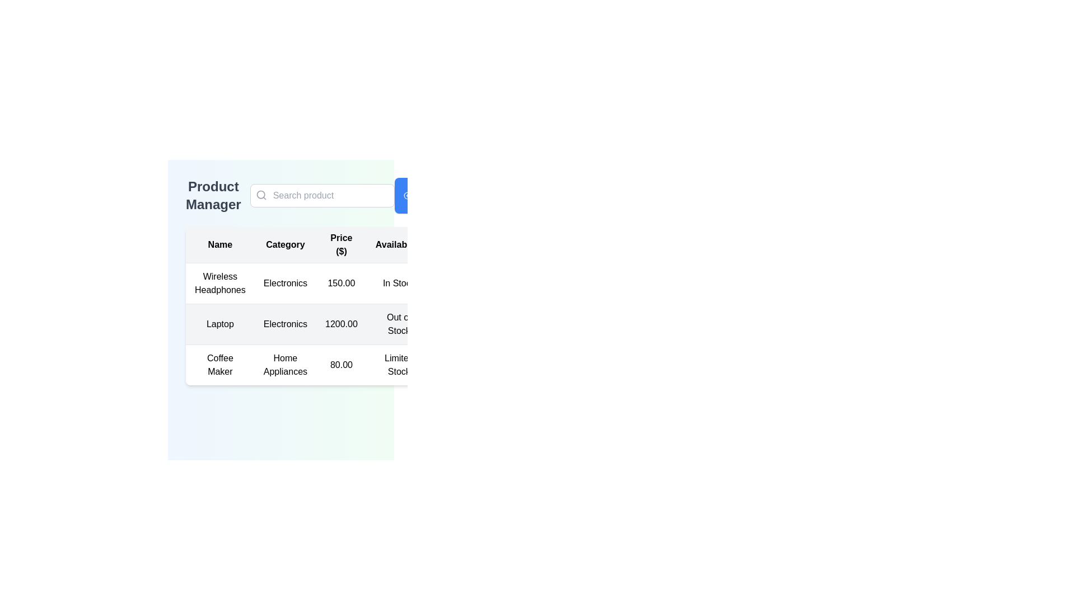  Describe the element at coordinates (340, 244) in the screenshot. I see `text from the 'Price ($)' header cell in the table, which is the third column header positioned between 'Category' and 'Availability'` at that location.